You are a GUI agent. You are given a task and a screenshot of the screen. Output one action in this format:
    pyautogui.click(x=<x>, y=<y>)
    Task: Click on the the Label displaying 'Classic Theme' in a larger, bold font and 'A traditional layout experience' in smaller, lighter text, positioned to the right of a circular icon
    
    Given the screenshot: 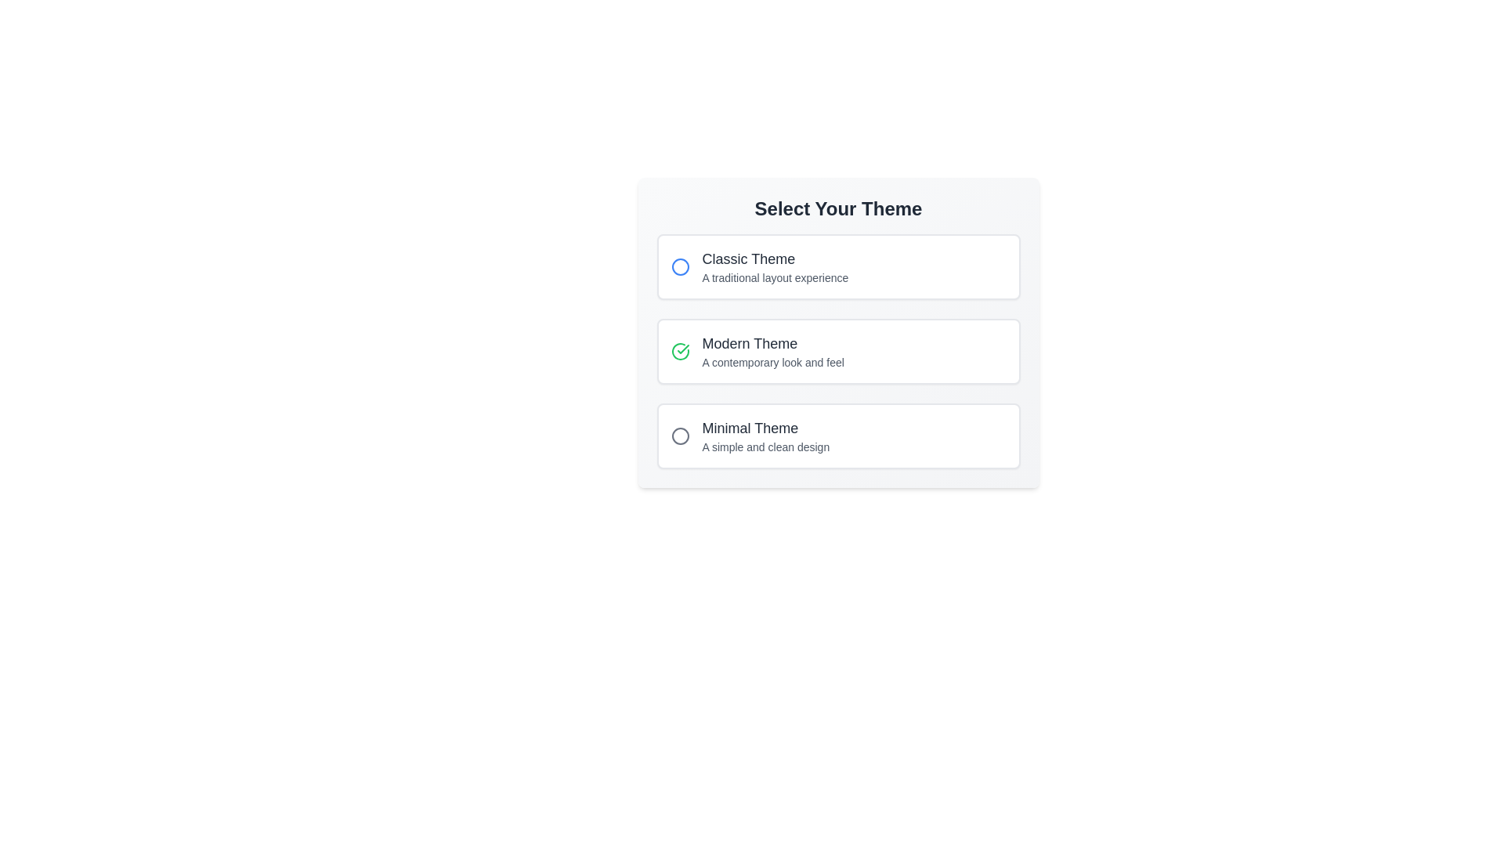 What is the action you would take?
    pyautogui.click(x=775, y=266)
    